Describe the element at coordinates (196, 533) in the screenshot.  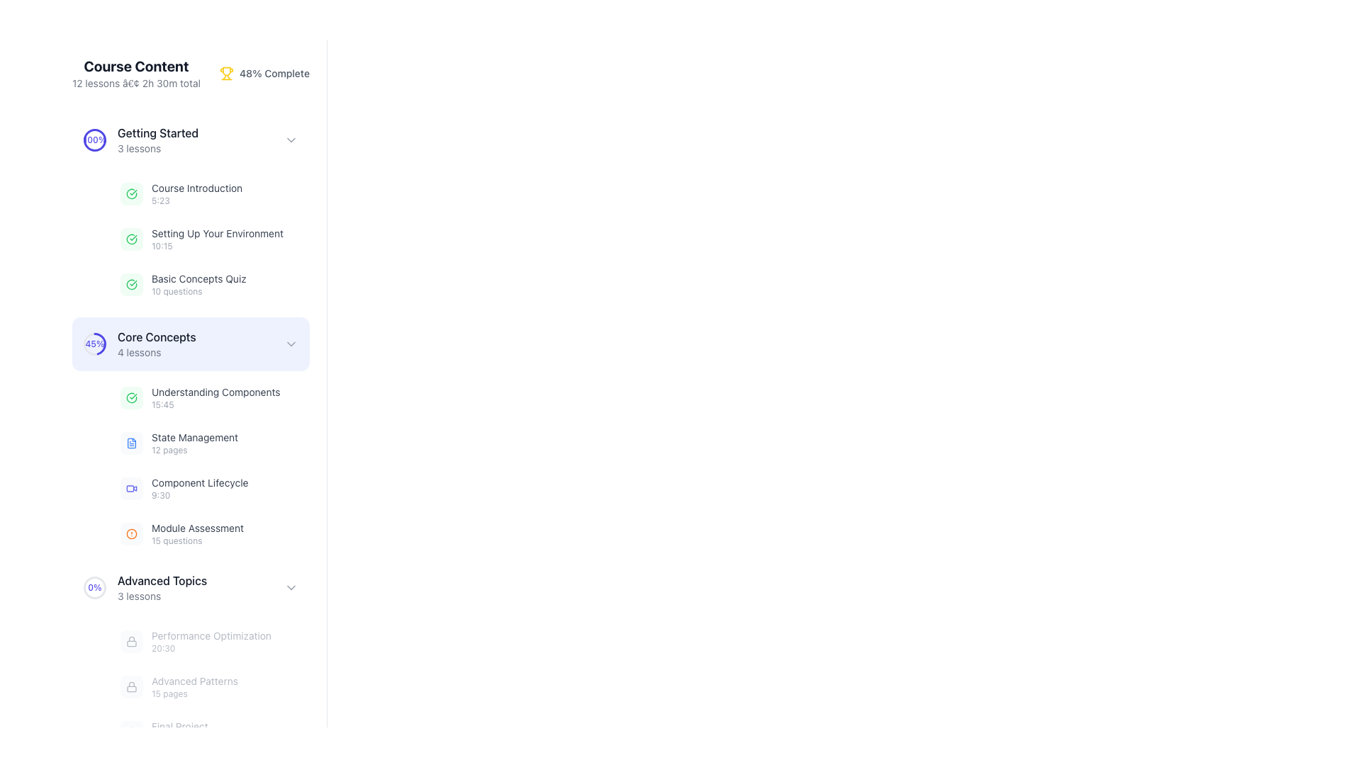
I see `the informative text block labeled 'Module Assessment'` at that location.